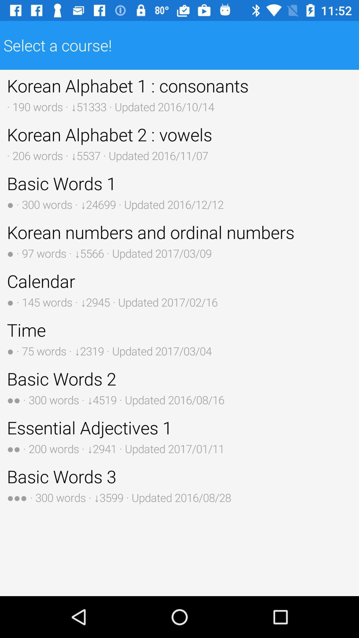 The width and height of the screenshot is (359, 638). Describe the element at coordinates (179, 338) in the screenshot. I see `time 75 words item` at that location.